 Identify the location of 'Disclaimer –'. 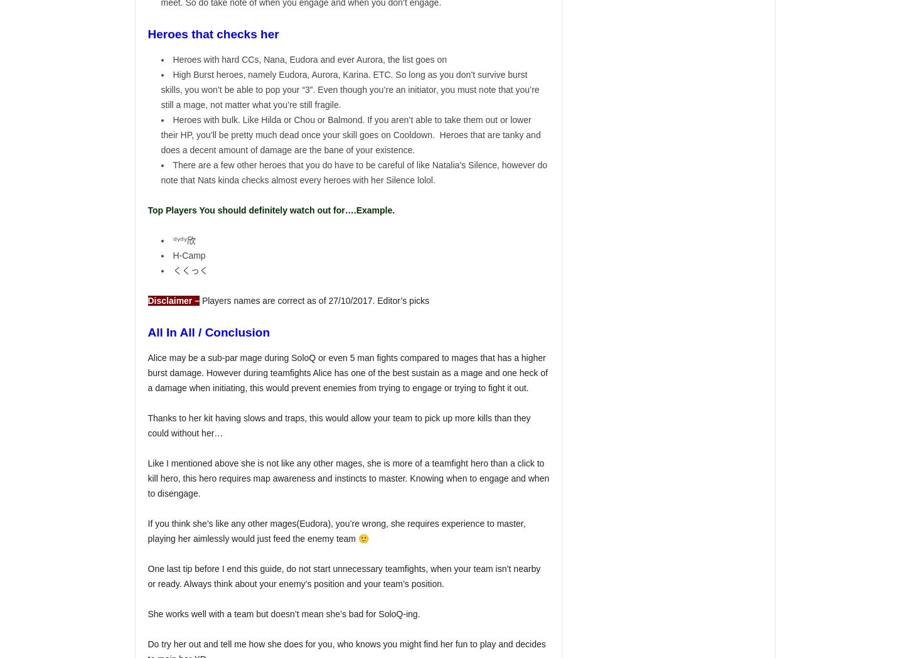
(173, 300).